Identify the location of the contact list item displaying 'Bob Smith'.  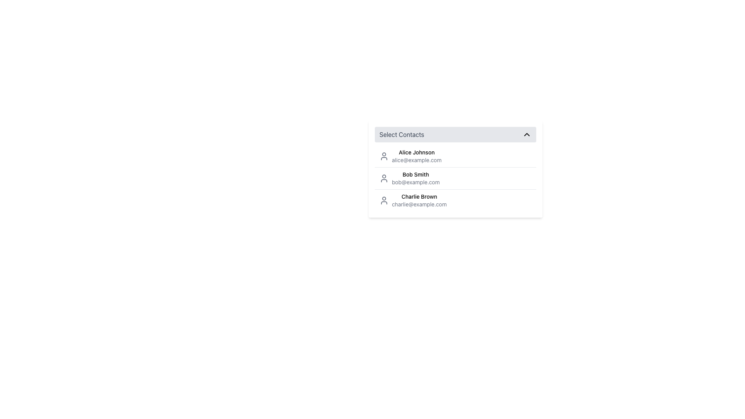
(409, 178).